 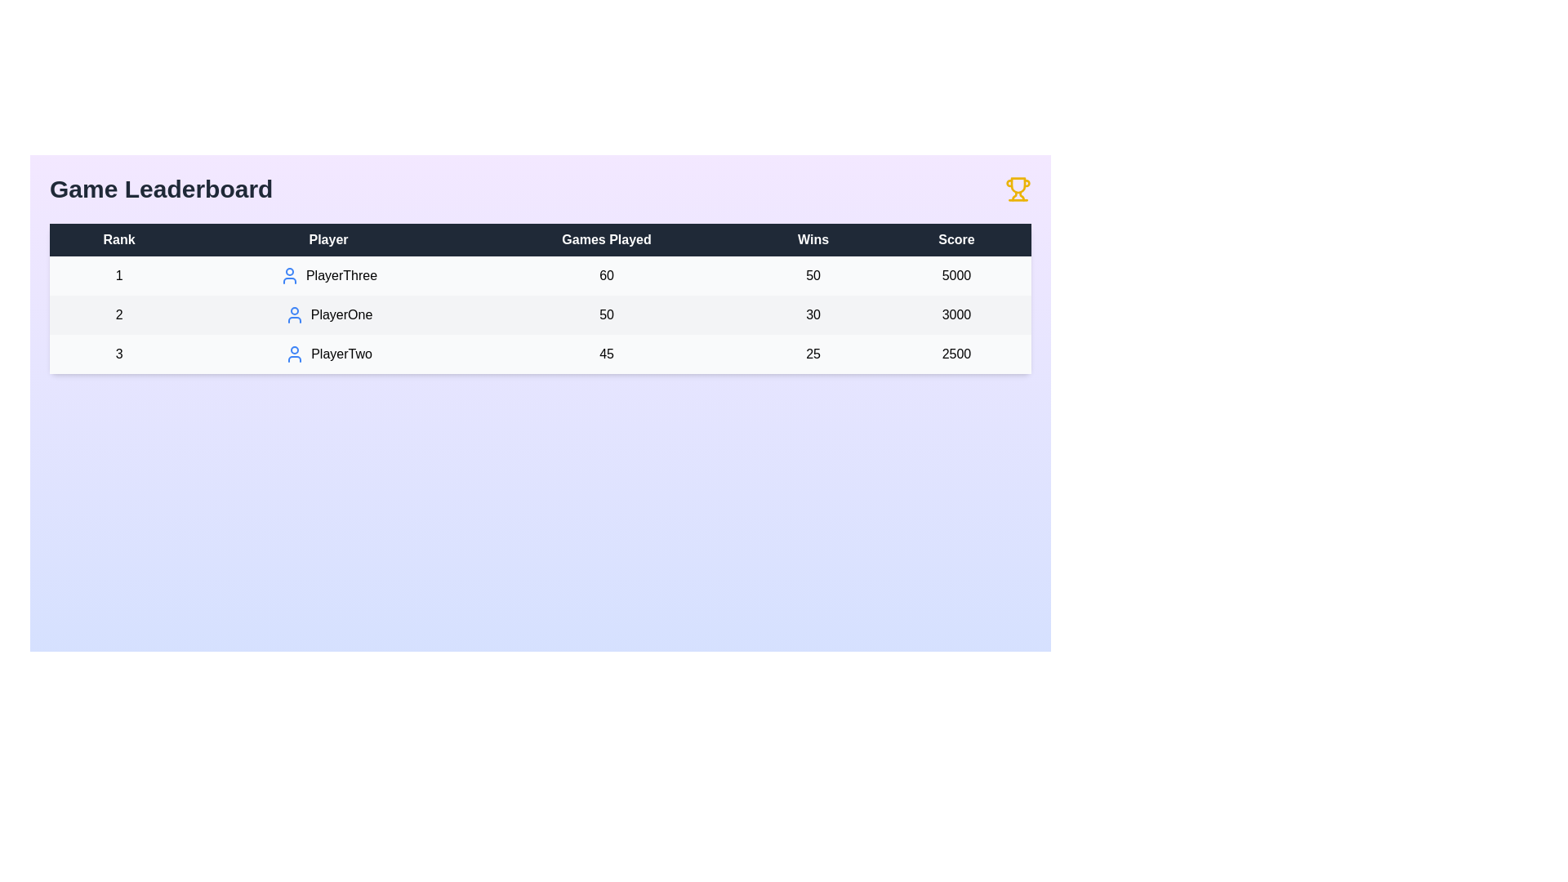 I want to click on the 'Score' text element for 'PlayerThree' located in the fifth column of the first row in the leaderboard table, so click(x=956, y=275).